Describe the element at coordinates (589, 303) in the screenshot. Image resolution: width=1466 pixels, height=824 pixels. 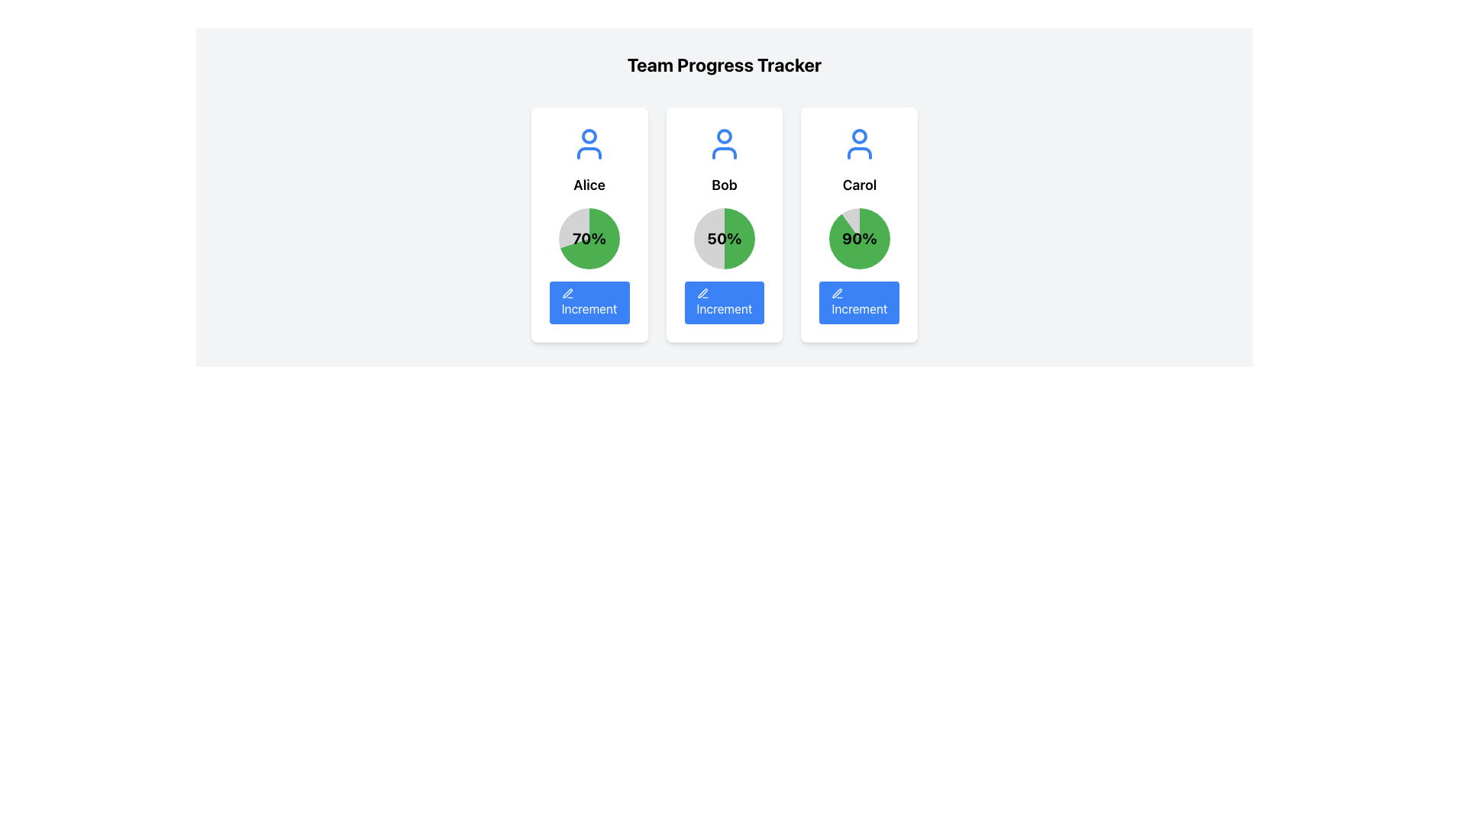
I see `the button located at the bottom of the card associated with the user 'Alice'` at that location.